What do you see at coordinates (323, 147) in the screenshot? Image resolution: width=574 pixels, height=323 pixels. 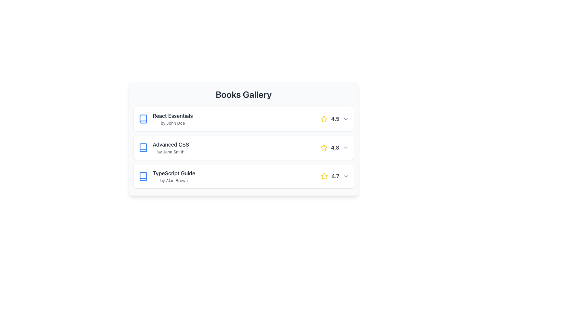 I see `the star-shaped icon with a yellow outline that represents the rating for the 'Advanced CSS' book, located to the left of the rating number '4.8'` at bounding box center [323, 147].